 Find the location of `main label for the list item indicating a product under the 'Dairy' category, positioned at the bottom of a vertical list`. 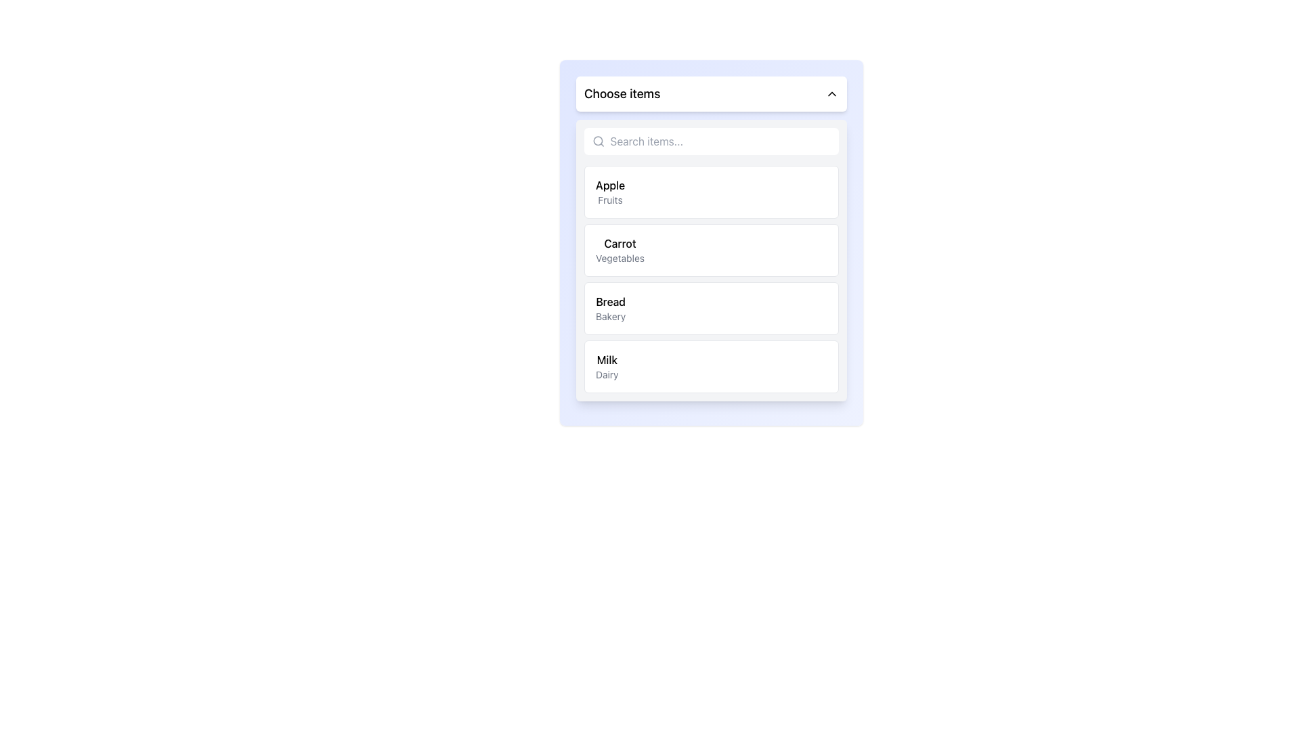

main label for the list item indicating a product under the 'Dairy' category, positioned at the bottom of a vertical list is located at coordinates (606, 359).